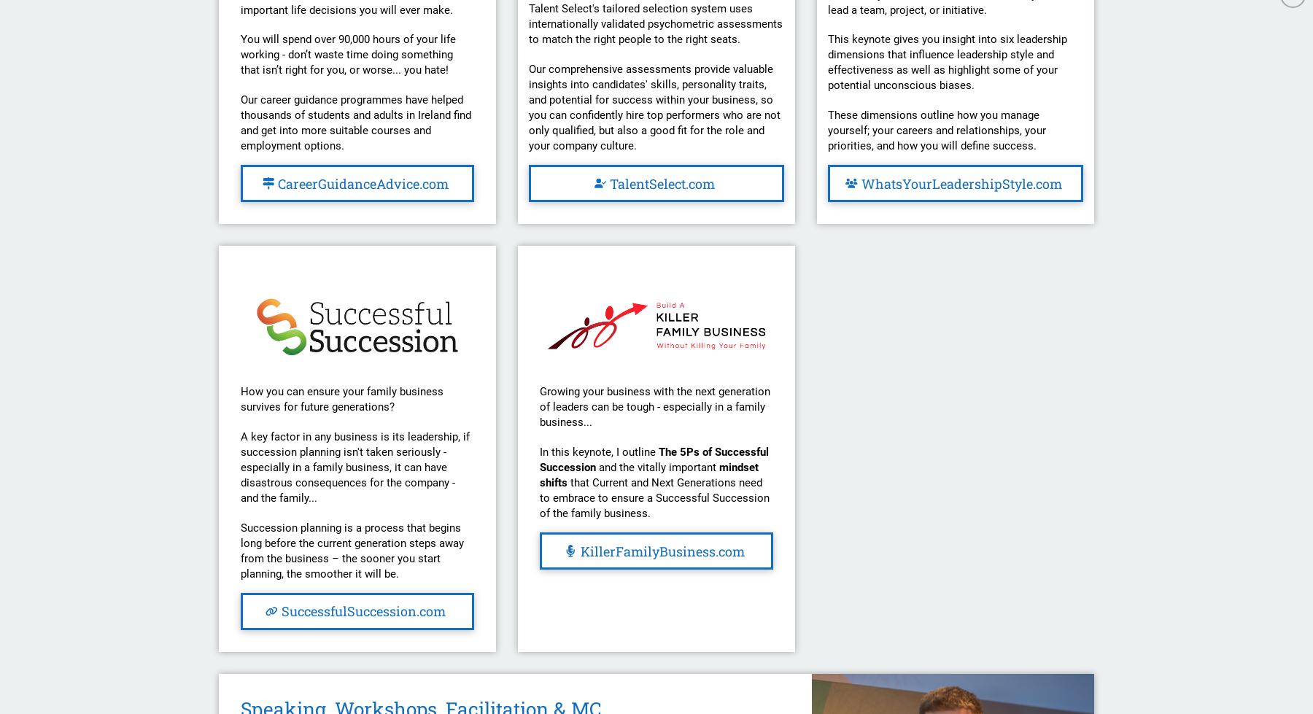  Describe the element at coordinates (538, 473) in the screenshot. I see `'mindset shifts'` at that location.